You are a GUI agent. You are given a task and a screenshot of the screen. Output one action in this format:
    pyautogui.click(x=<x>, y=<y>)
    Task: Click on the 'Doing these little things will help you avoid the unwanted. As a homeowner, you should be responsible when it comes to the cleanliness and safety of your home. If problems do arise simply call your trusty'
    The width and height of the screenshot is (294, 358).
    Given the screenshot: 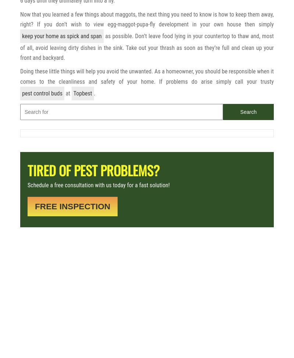 What is the action you would take?
    pyautogui.click(x=147, y=76)
    